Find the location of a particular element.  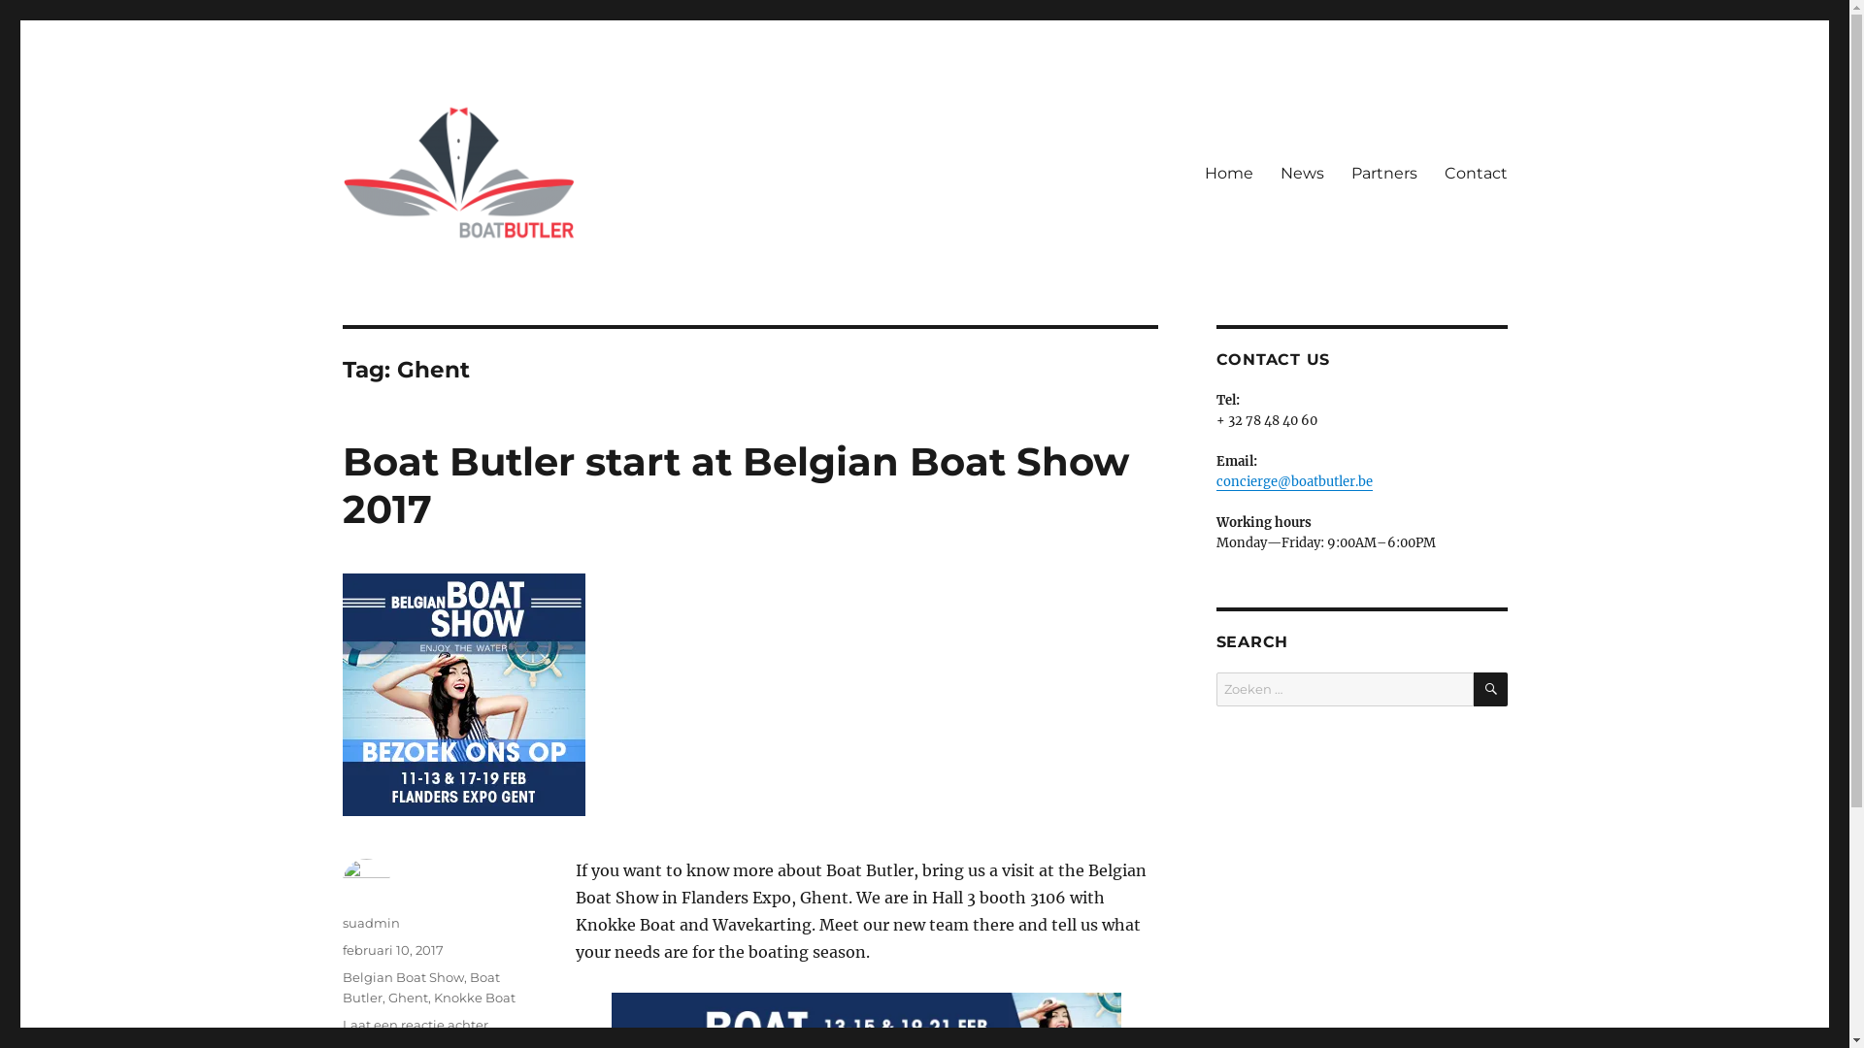

'Belgian Boat Show' is located at coordinates (341, 976).